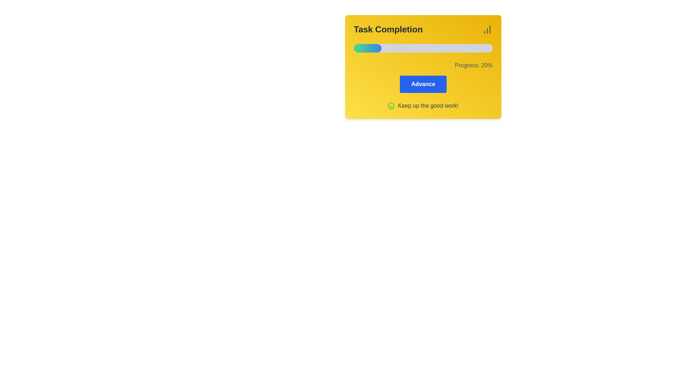 The width and height of the screenshot is (691, 389). I want to click on the icon represented as a small vertical bar chart with increasing columns, located in the top-right corner of the 'Task Completion' section, so click(487, 29).